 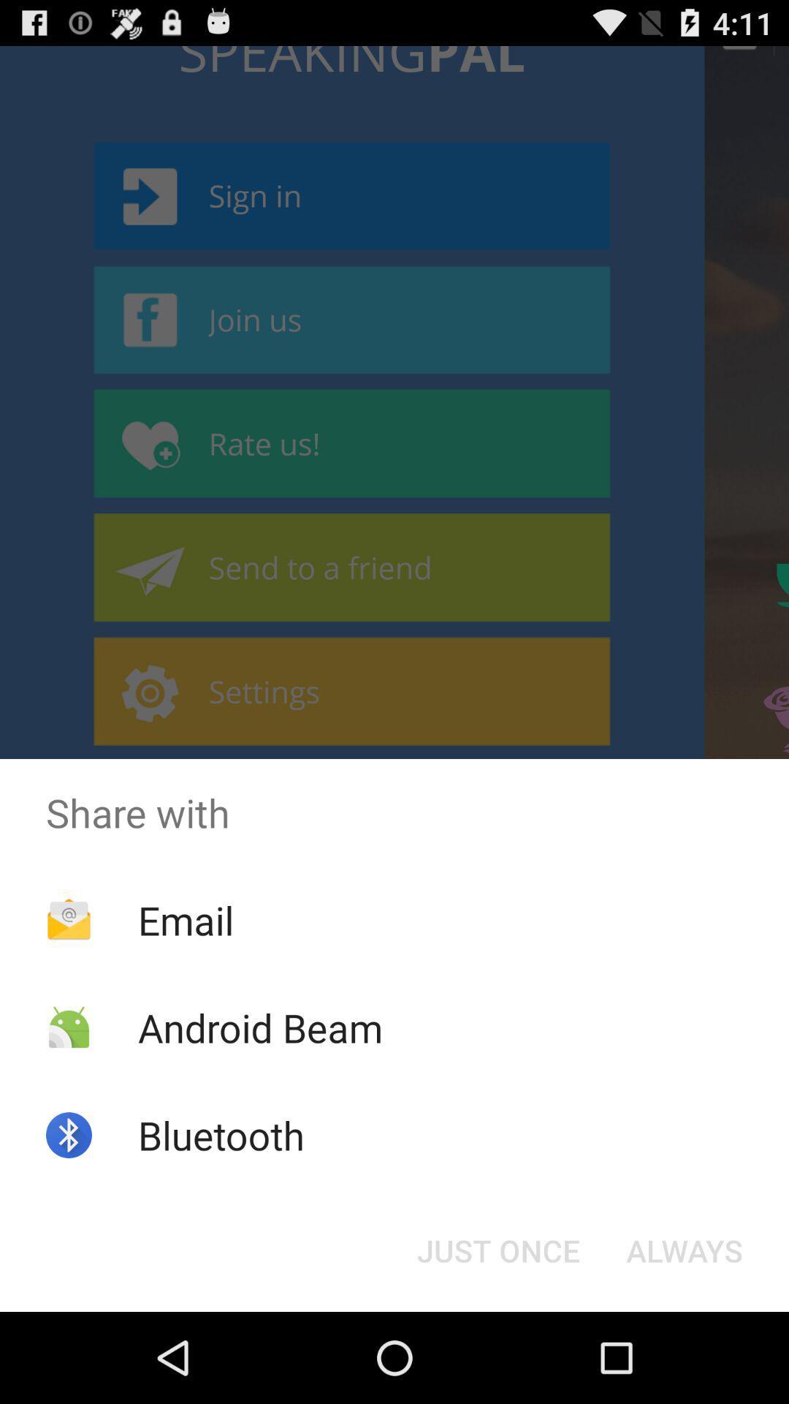 What do you see at coordinates (685, 1249) in the screenshot?
I see `always` at bounding box center [685, 1249].